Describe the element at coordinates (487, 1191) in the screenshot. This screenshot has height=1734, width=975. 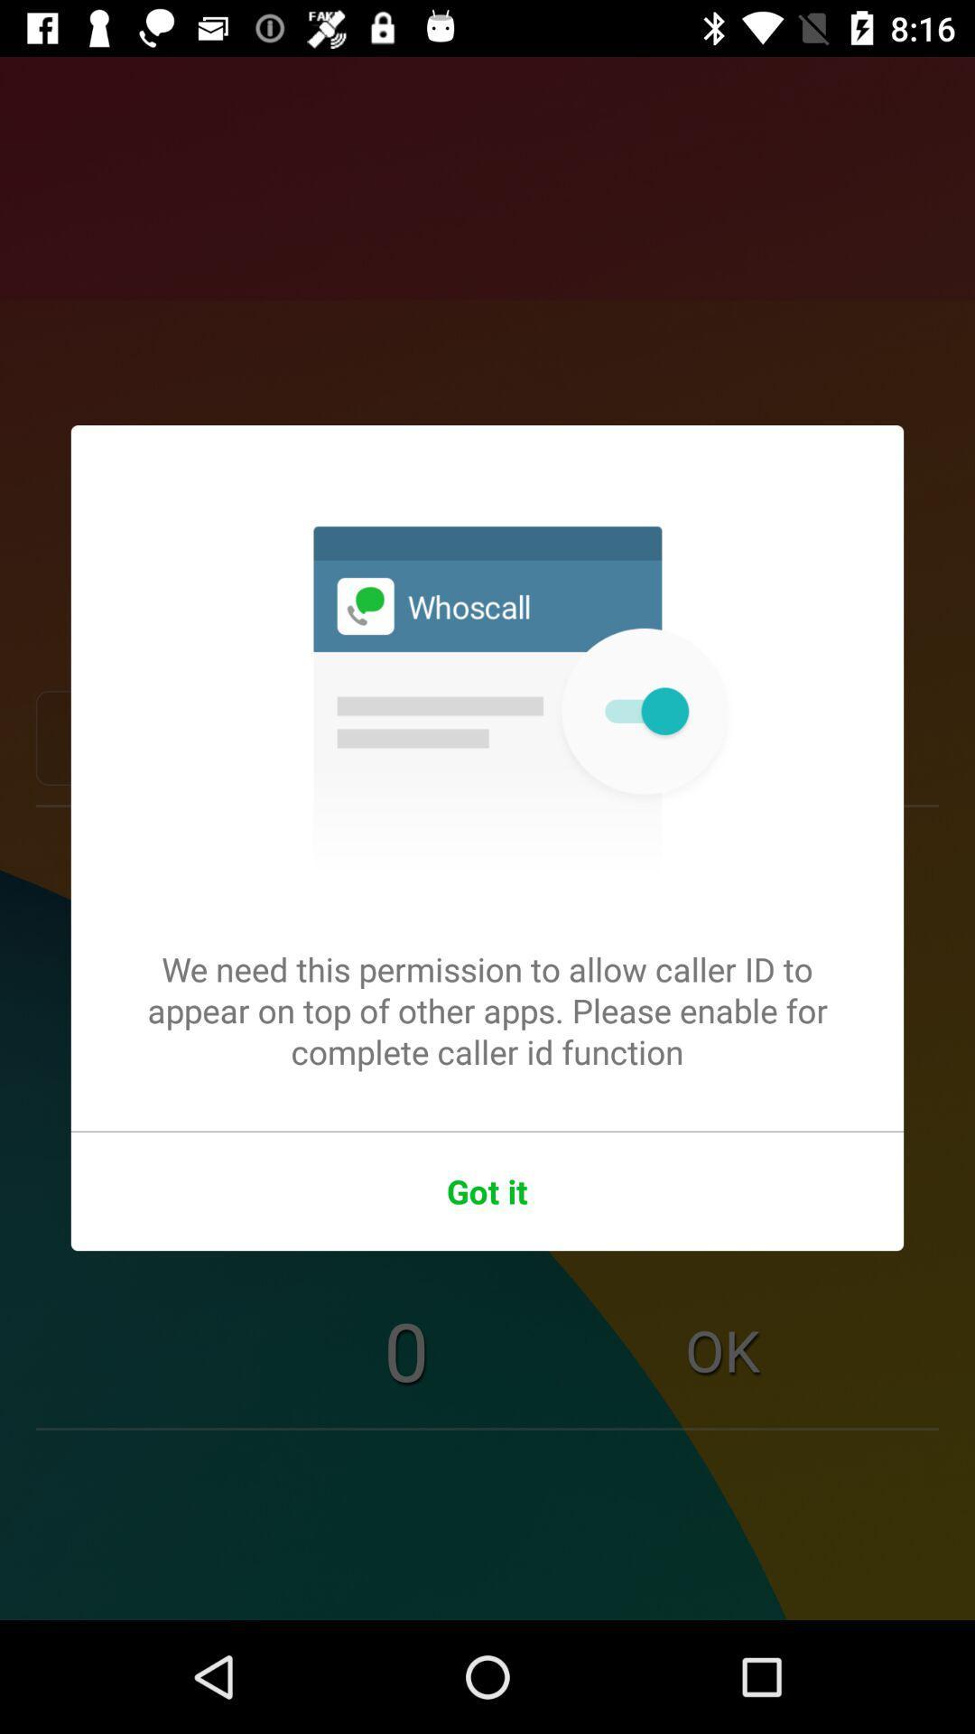
I see `the got it app` at that location.